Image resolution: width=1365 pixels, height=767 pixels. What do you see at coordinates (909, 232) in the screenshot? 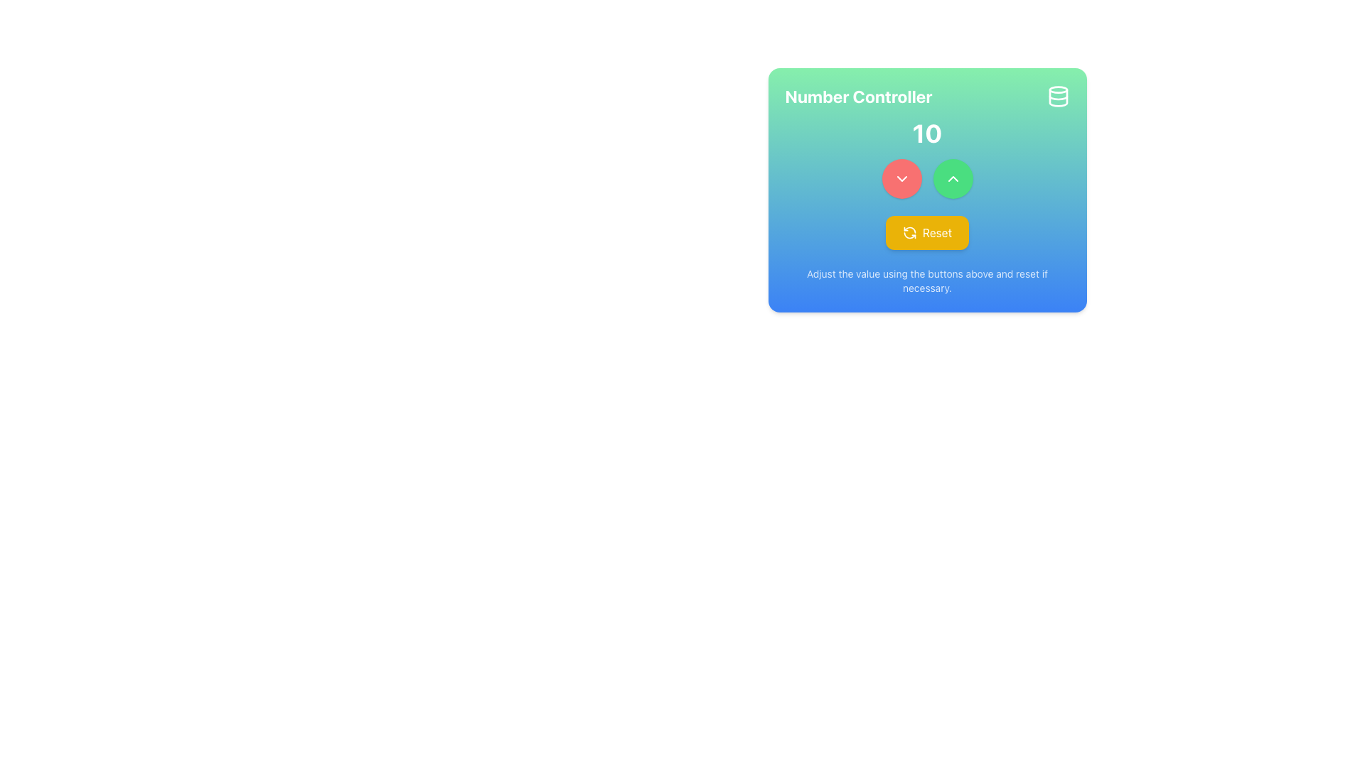
I see `the 'Reset' button which contains the reset icon` at bounding box center [909, 232].